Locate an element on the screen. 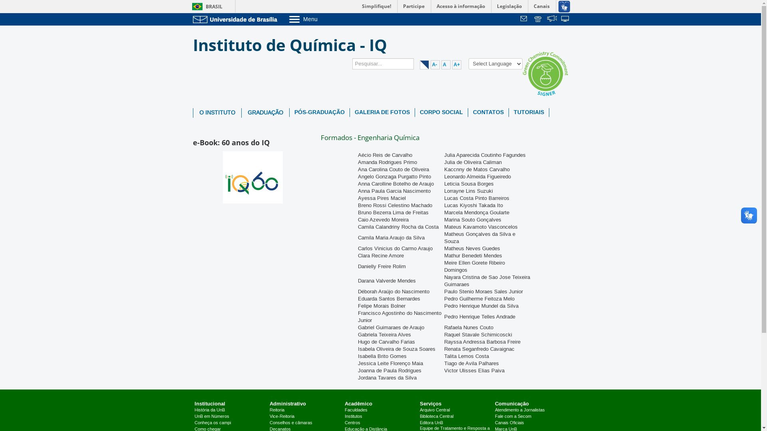 The width and height of the screenshot is (767, 431). ' ' is located at coordinates (552, 19).